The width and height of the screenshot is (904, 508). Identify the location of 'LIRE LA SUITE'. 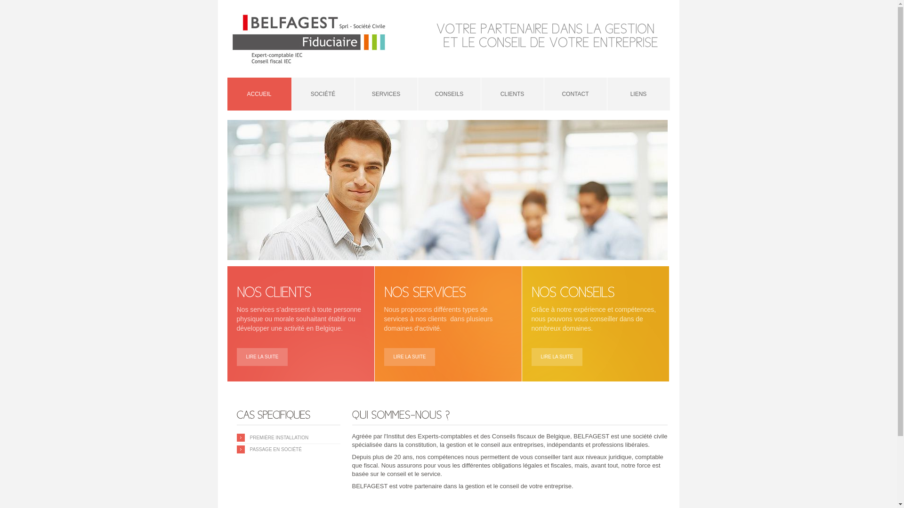
(236, 357).